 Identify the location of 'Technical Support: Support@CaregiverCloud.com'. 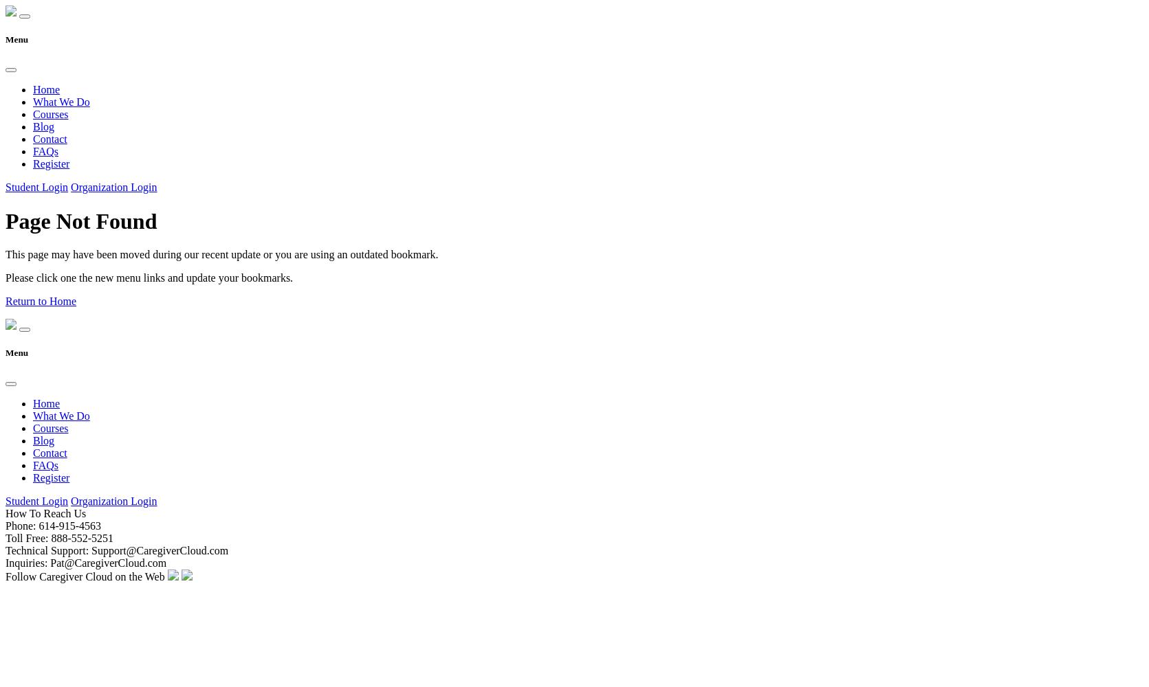
(116, 550).